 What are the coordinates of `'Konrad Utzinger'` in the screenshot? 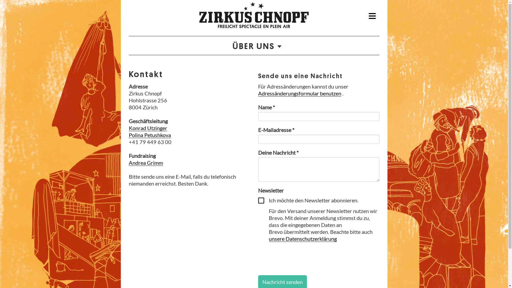 It's located at (128, 128).